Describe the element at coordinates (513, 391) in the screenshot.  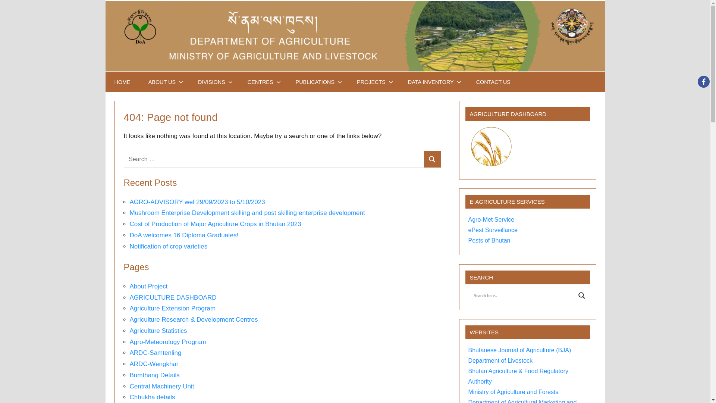
I see `'Ministry of Agriculture and Forests'` at that location.